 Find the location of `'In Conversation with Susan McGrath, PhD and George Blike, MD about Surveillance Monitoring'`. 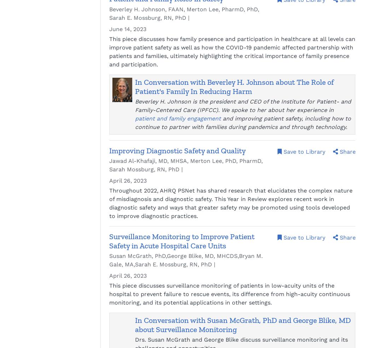

'In Conversation with Susan McGrath, PhD and George Blike, MD about Surveillance Monitoring' is located at coordinates (243, 325).